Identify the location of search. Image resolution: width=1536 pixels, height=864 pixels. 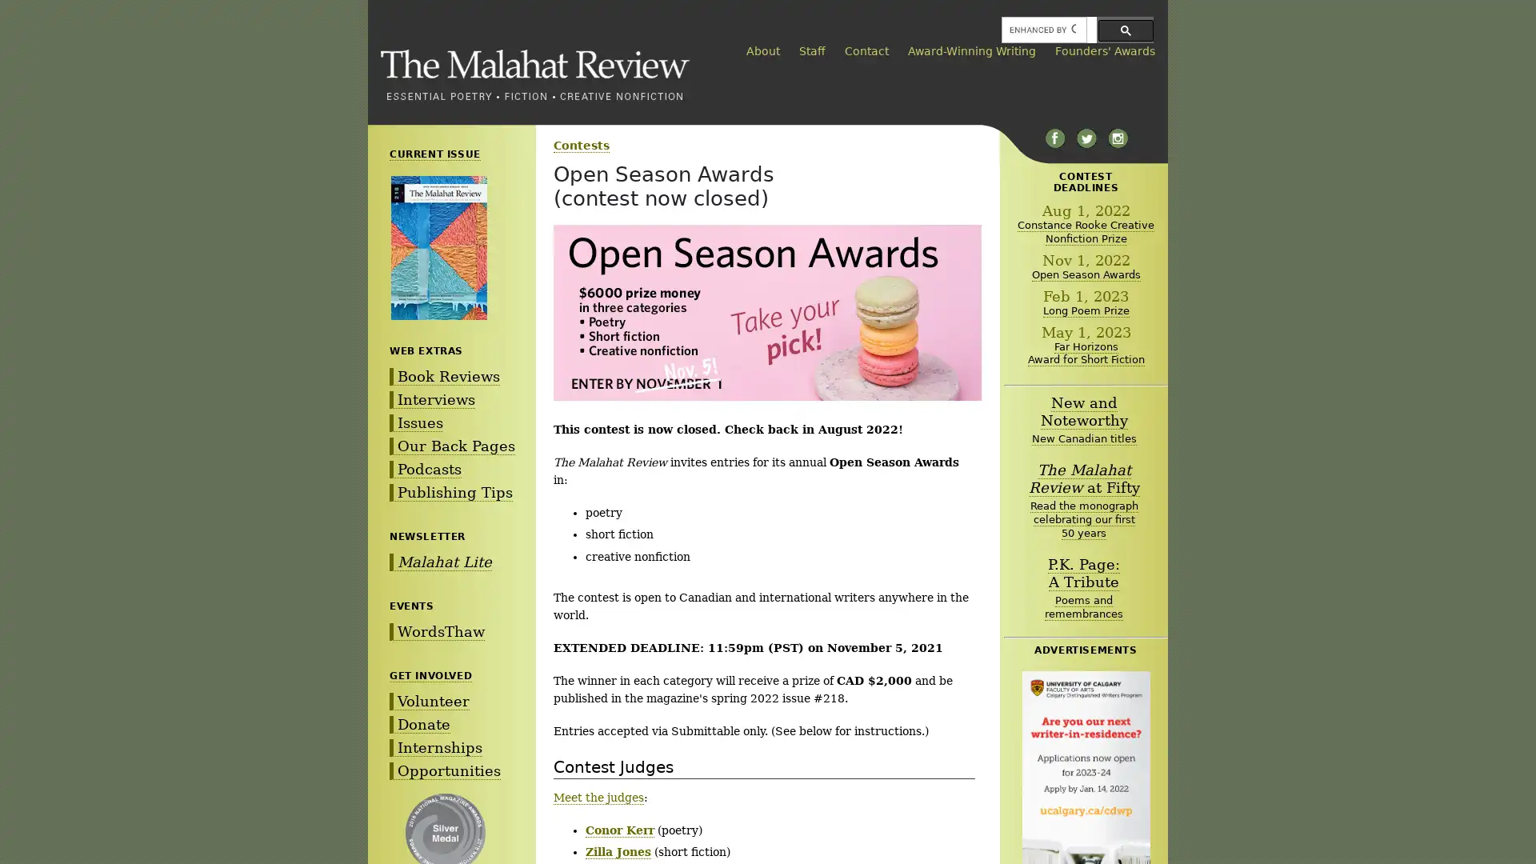
(1125, 30).